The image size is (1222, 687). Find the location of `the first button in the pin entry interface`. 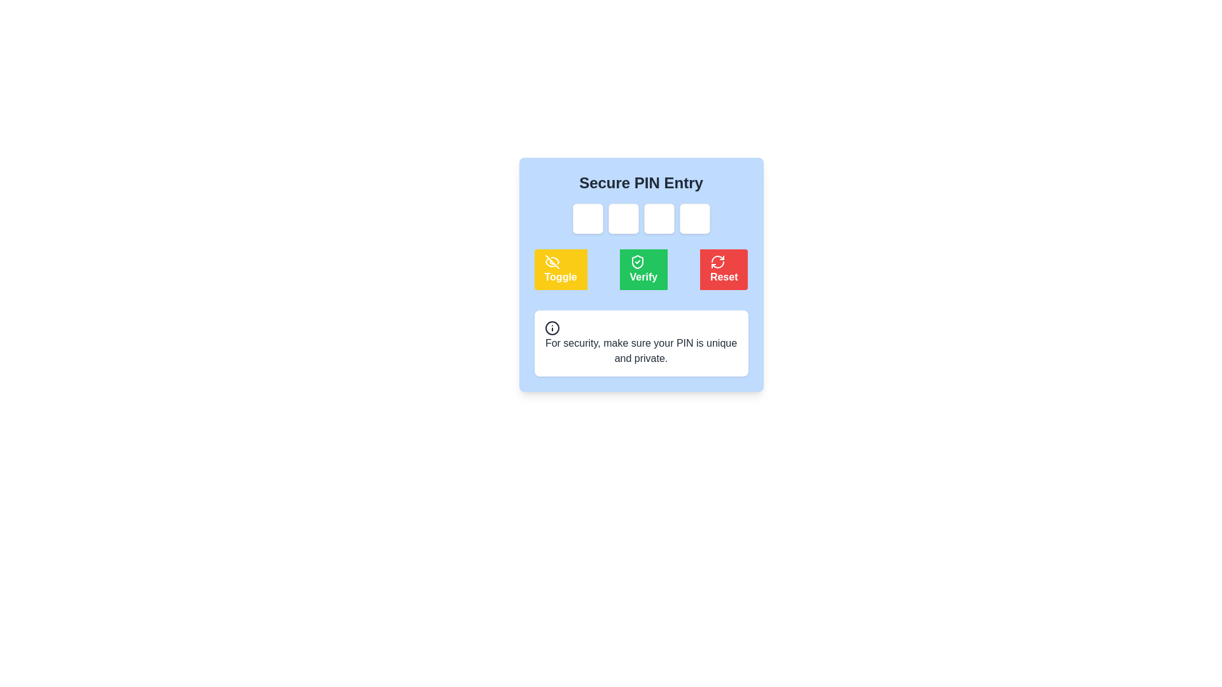

the first button in the pin entry interface is located at coordinates (560, 269).